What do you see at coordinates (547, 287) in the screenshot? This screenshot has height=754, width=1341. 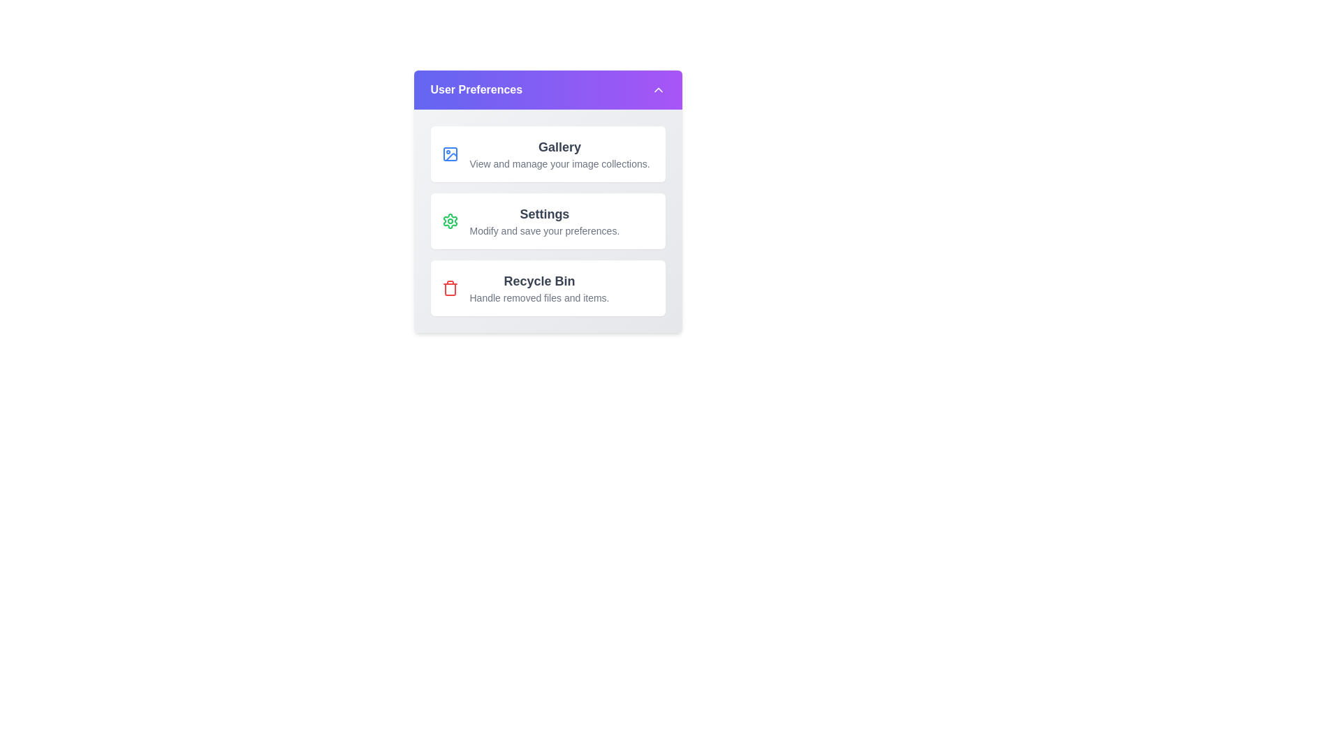 I see `the preference item Recycle Bin` at bounding box center [547, 287].